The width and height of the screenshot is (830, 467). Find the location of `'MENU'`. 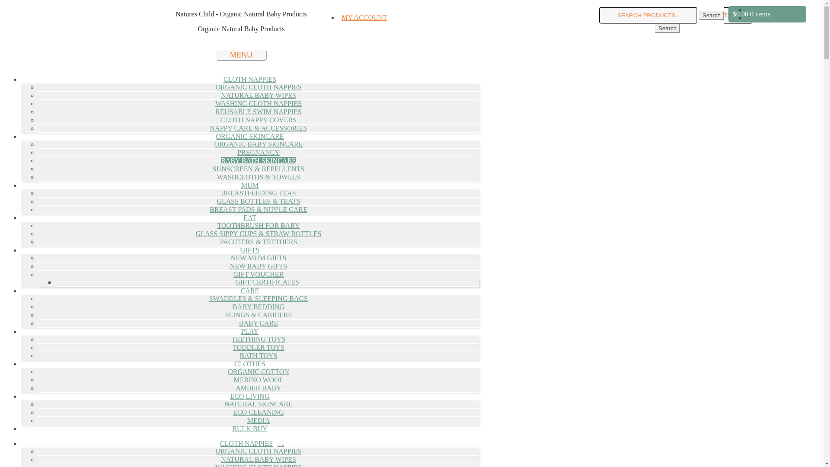

'MENU' is located at coordinates (241, 55).